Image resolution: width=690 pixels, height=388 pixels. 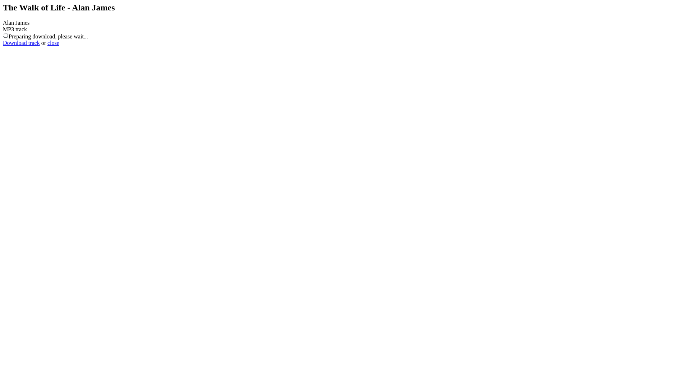 What do you see at coordinates (3, 43) in the screenshot?
I see `'Download track'` at bounding box center [3, 43].